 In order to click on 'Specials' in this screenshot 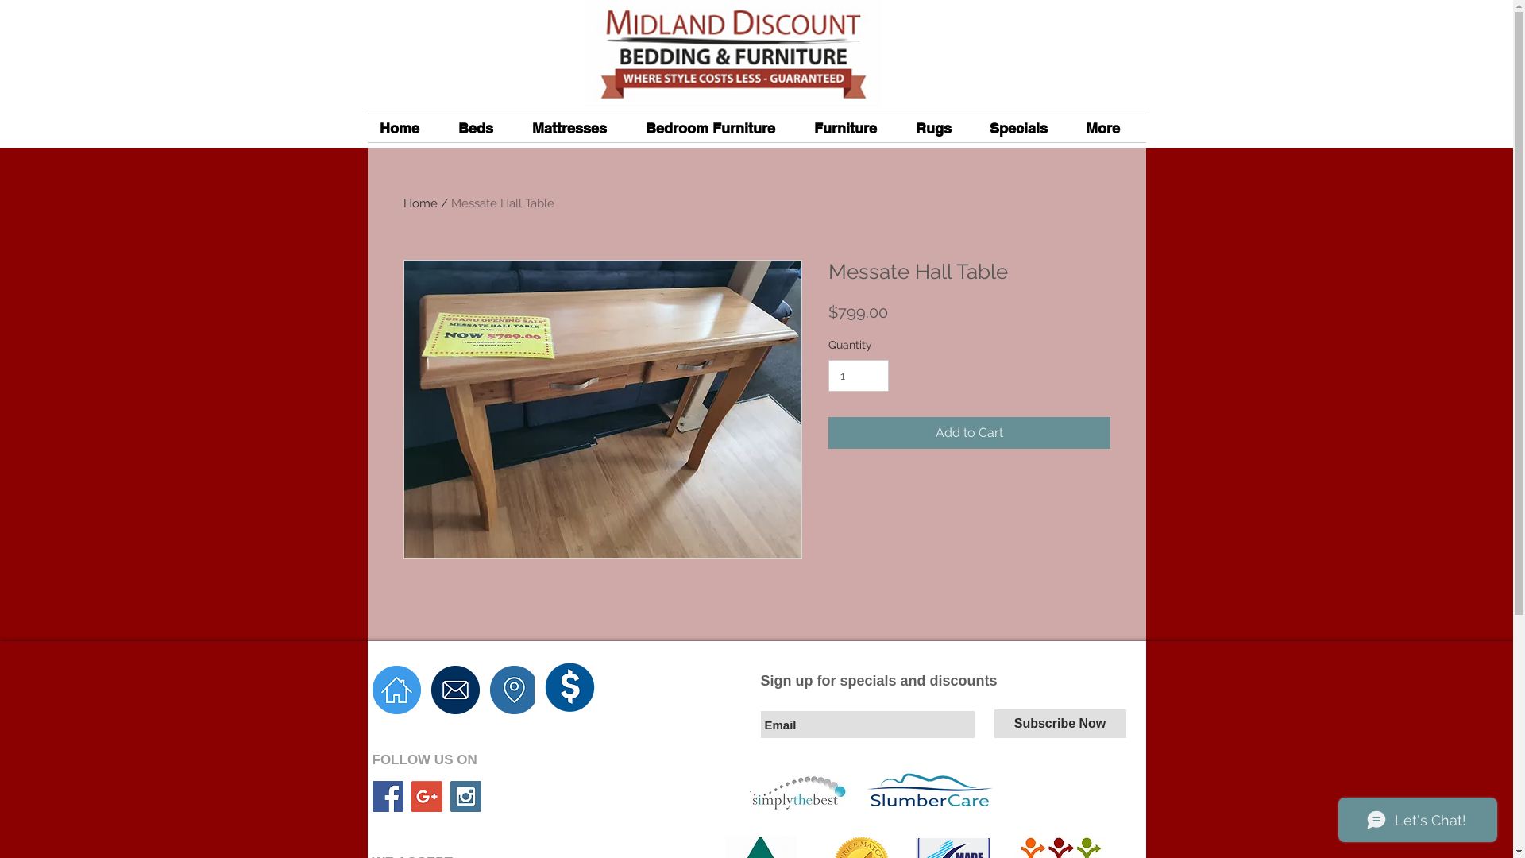, I will do `click(1025, 127)`.